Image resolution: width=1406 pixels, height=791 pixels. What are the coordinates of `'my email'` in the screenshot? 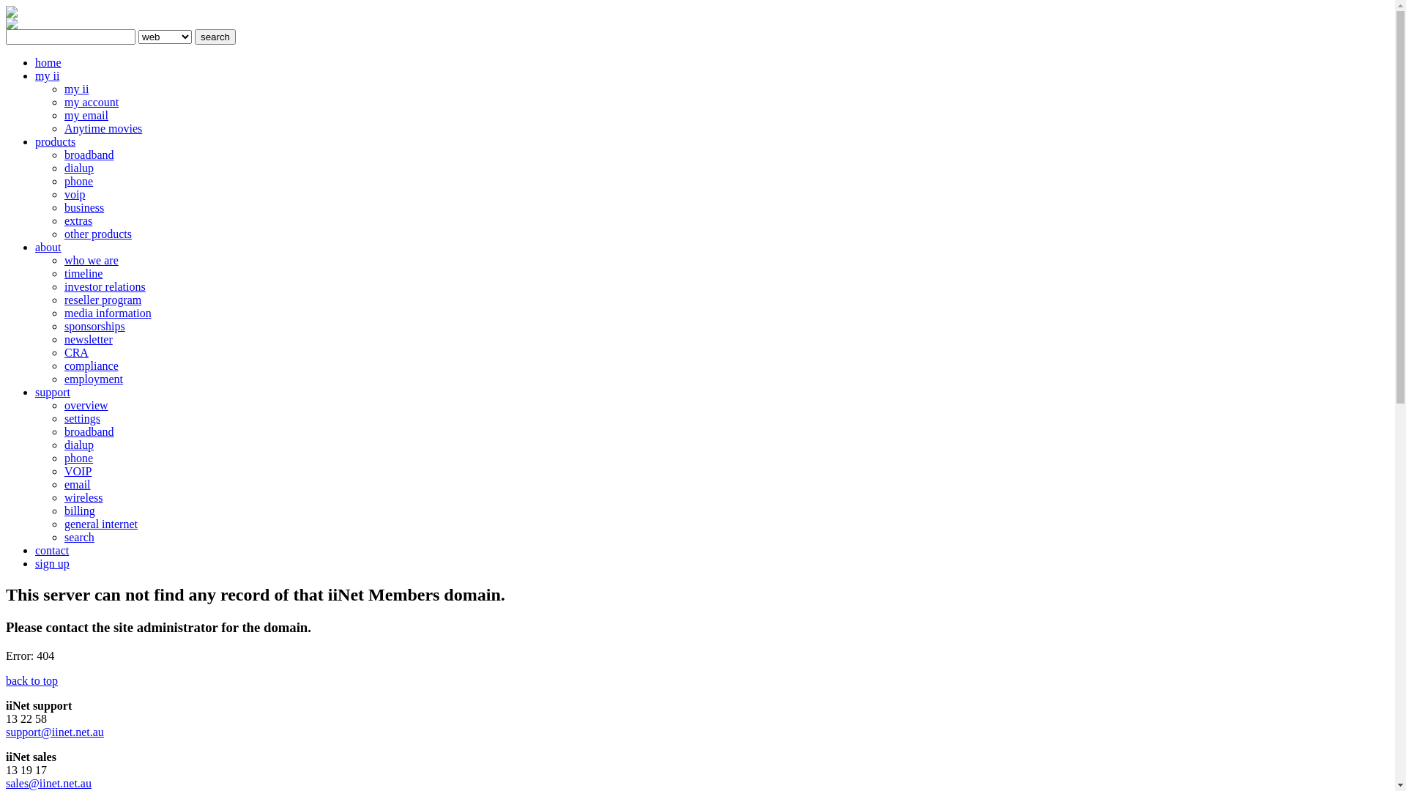 It's located at (86, 114).